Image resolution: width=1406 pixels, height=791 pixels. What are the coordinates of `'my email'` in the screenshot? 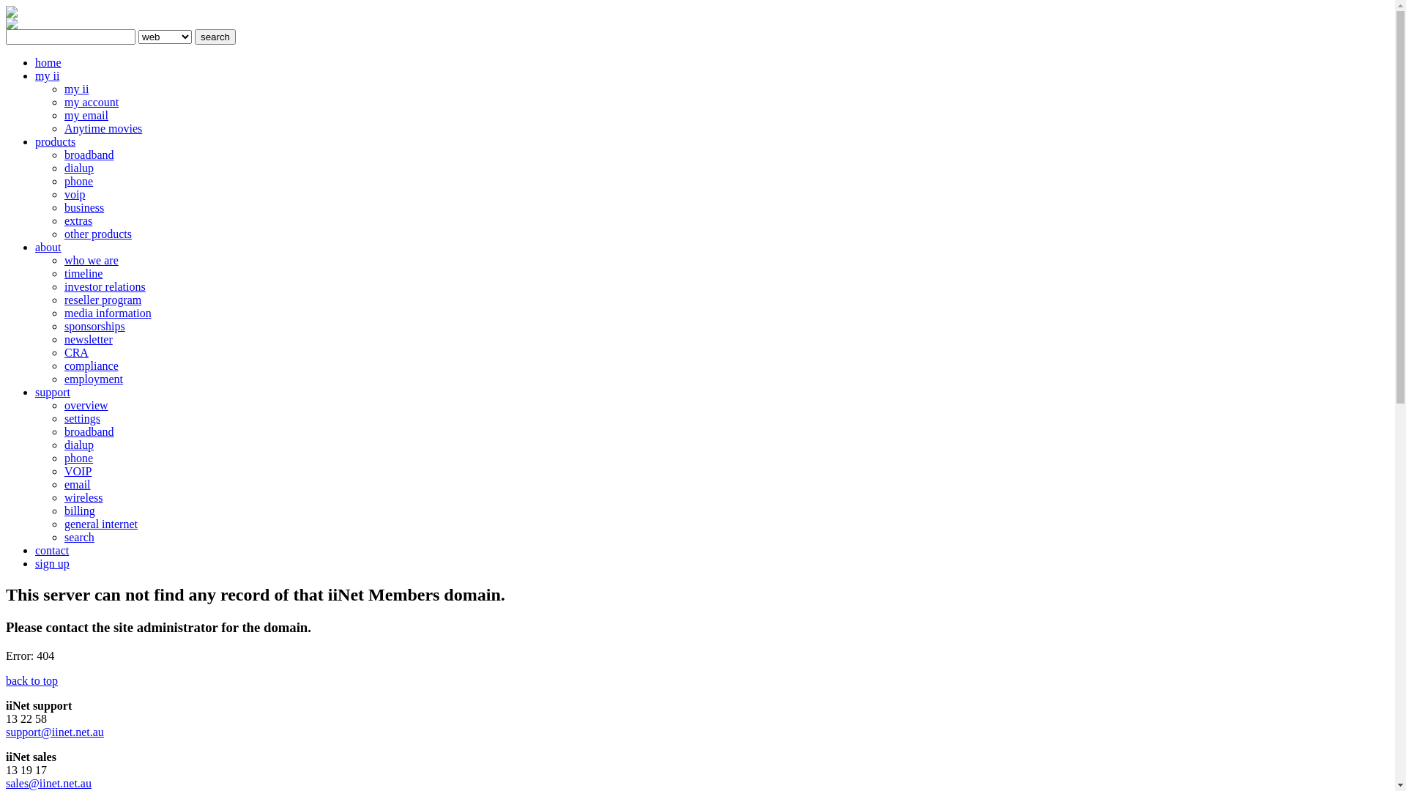 It's located at (86, 114).